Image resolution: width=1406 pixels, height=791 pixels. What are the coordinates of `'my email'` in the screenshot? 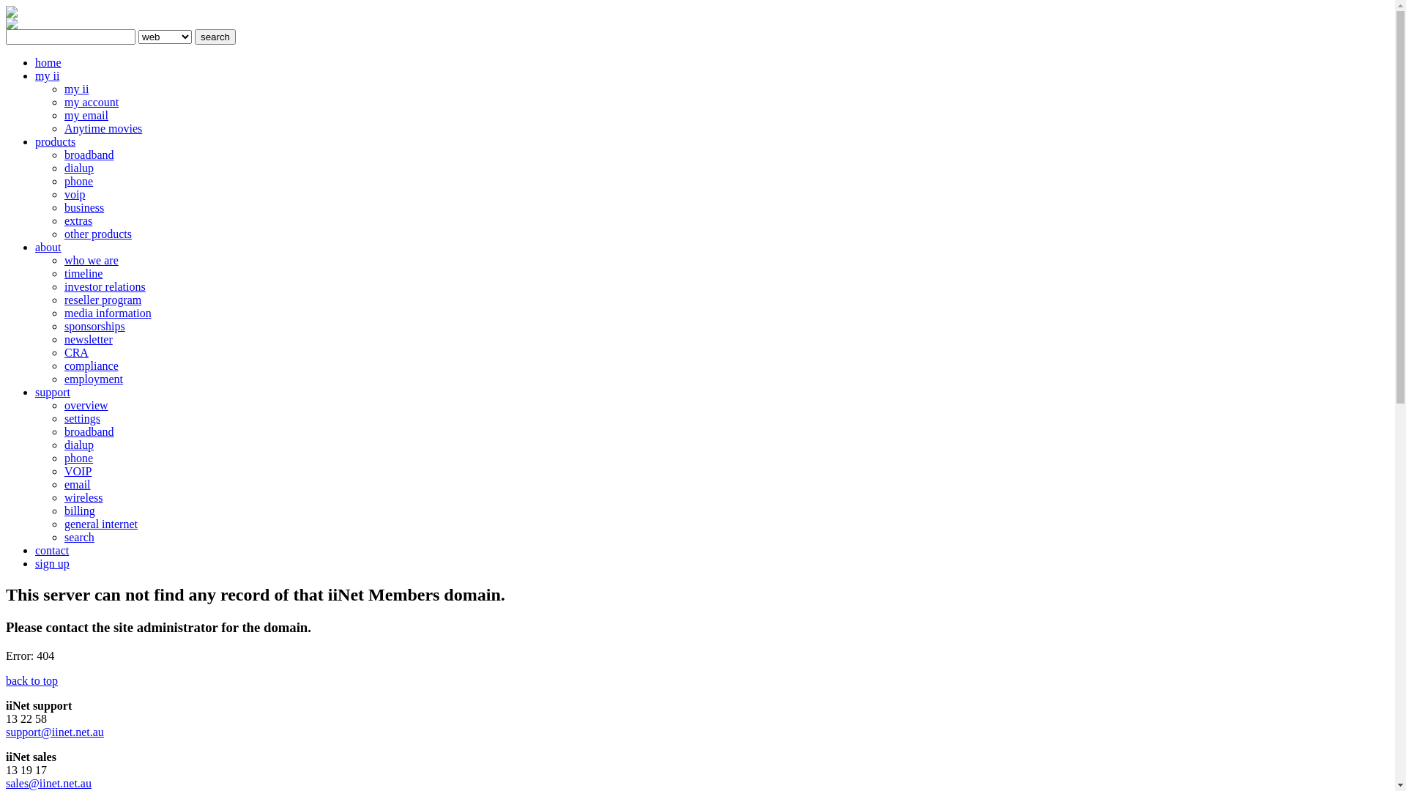 It's located at (86, 114).